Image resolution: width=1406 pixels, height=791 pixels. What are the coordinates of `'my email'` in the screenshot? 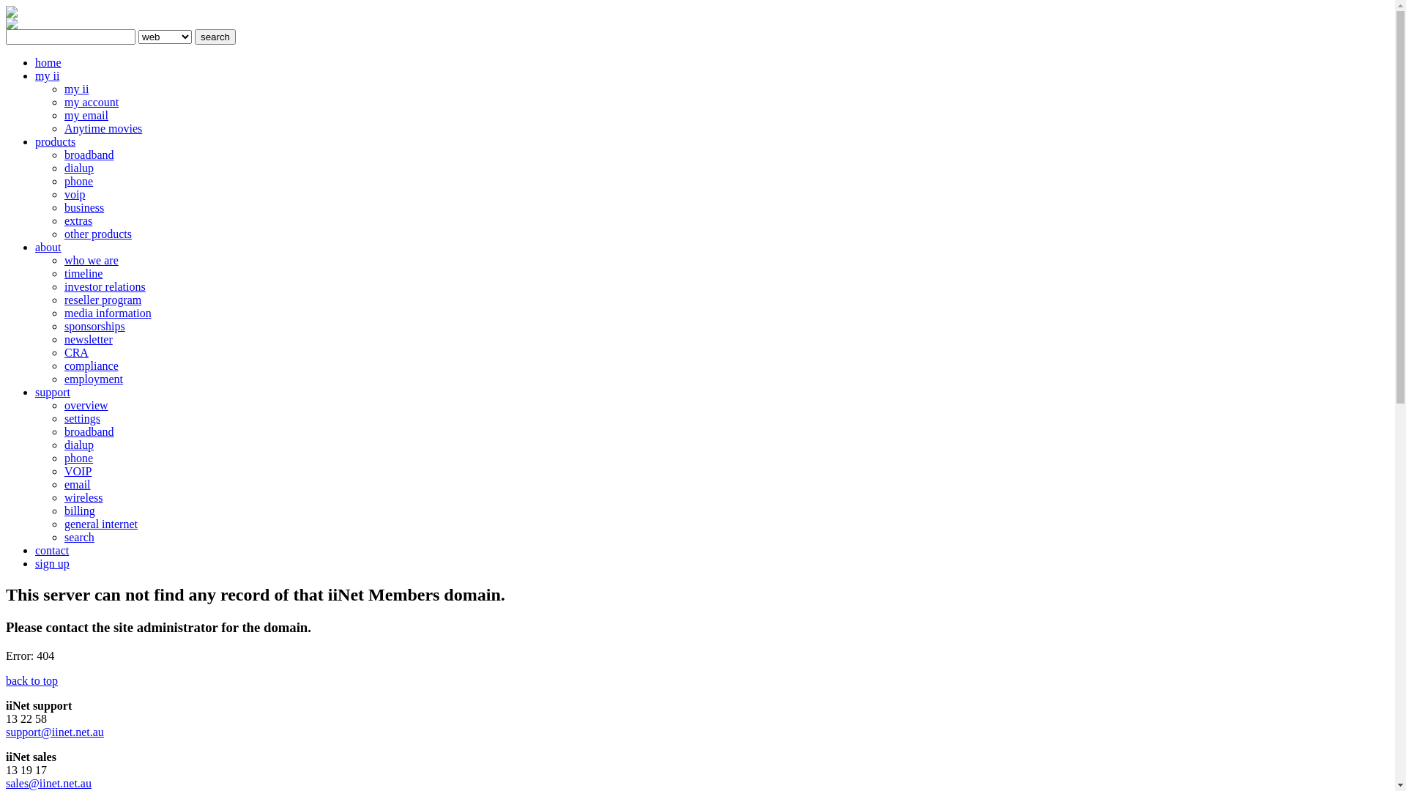 It's located at (86, 114).